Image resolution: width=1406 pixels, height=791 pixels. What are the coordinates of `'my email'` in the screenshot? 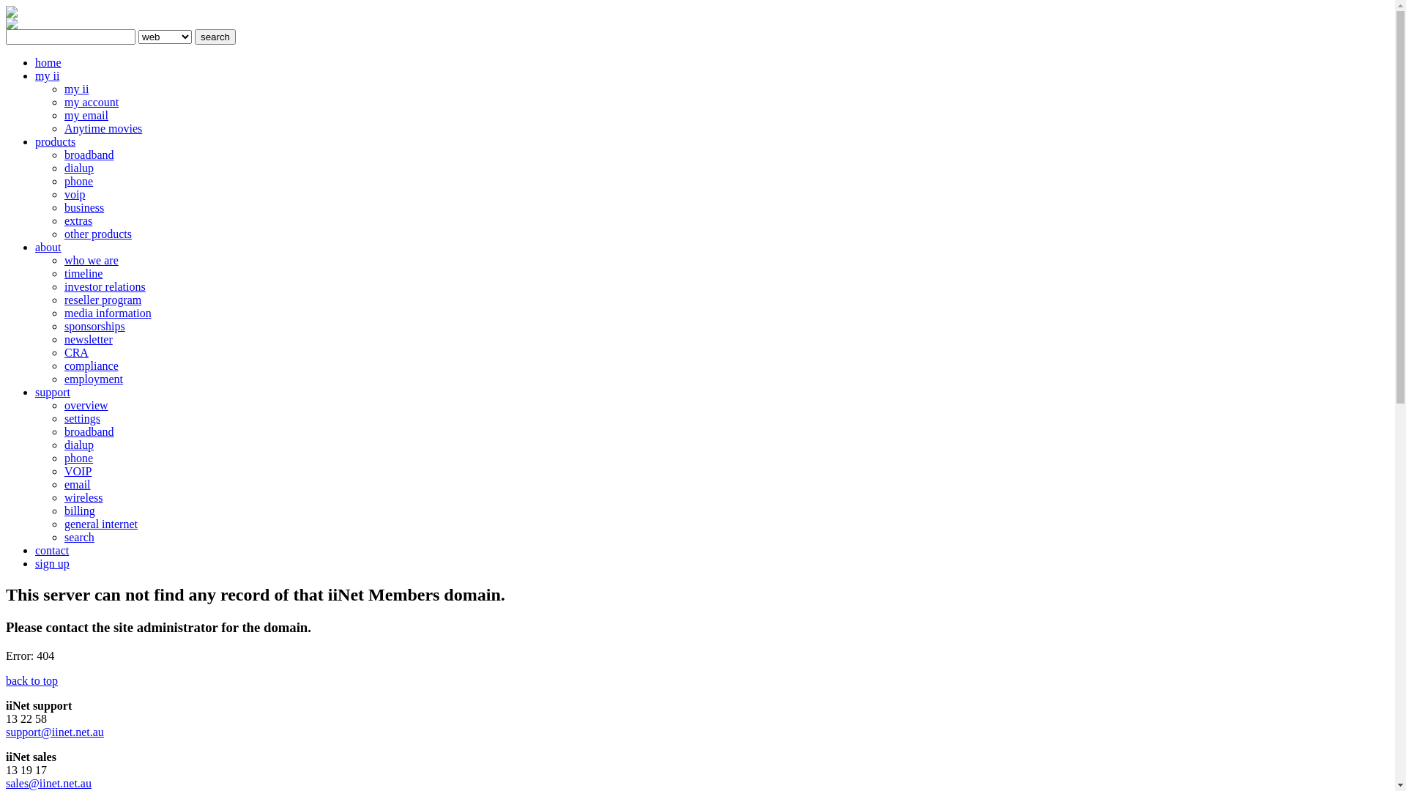 It's located at (86, 114).